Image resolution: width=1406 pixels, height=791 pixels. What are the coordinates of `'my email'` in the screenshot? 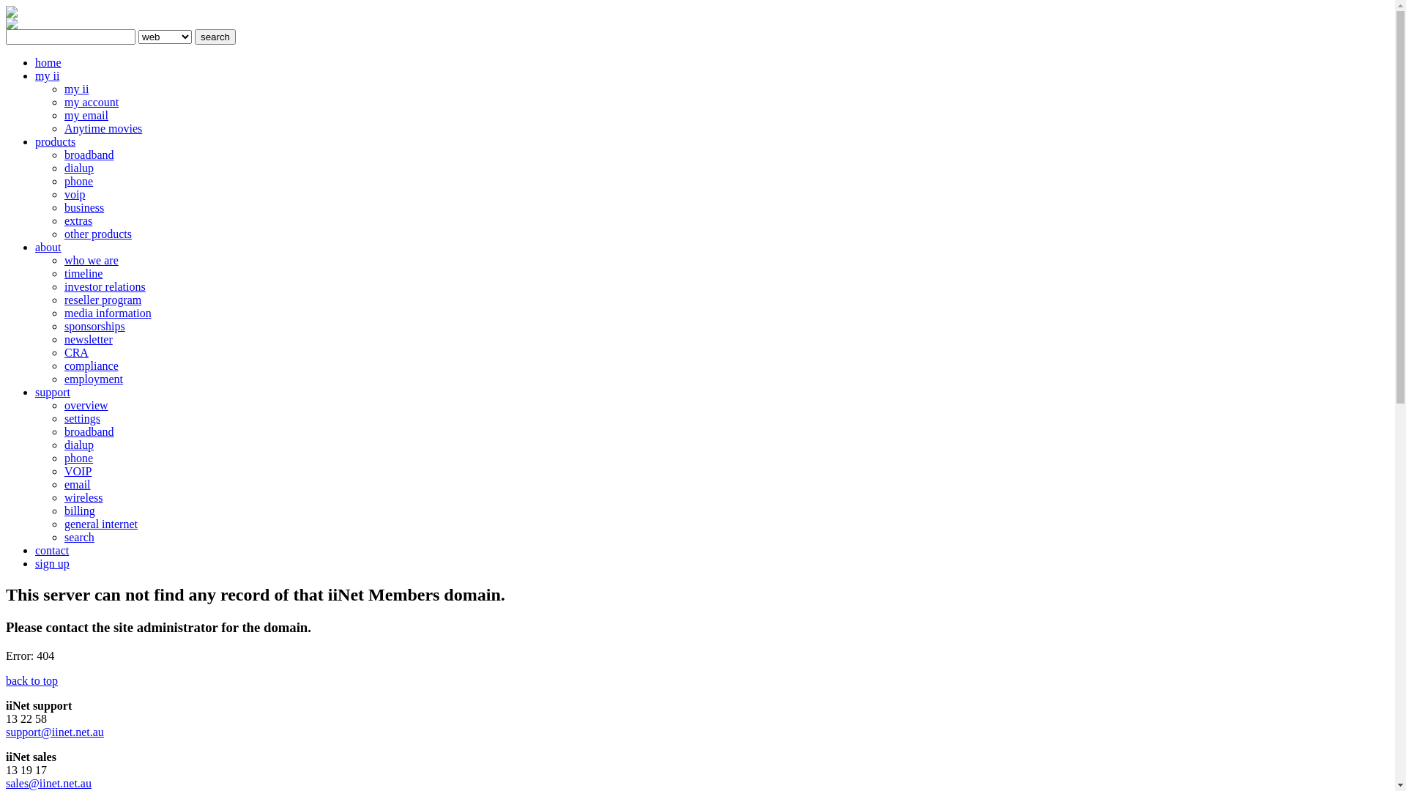 It's located at (86, 114).